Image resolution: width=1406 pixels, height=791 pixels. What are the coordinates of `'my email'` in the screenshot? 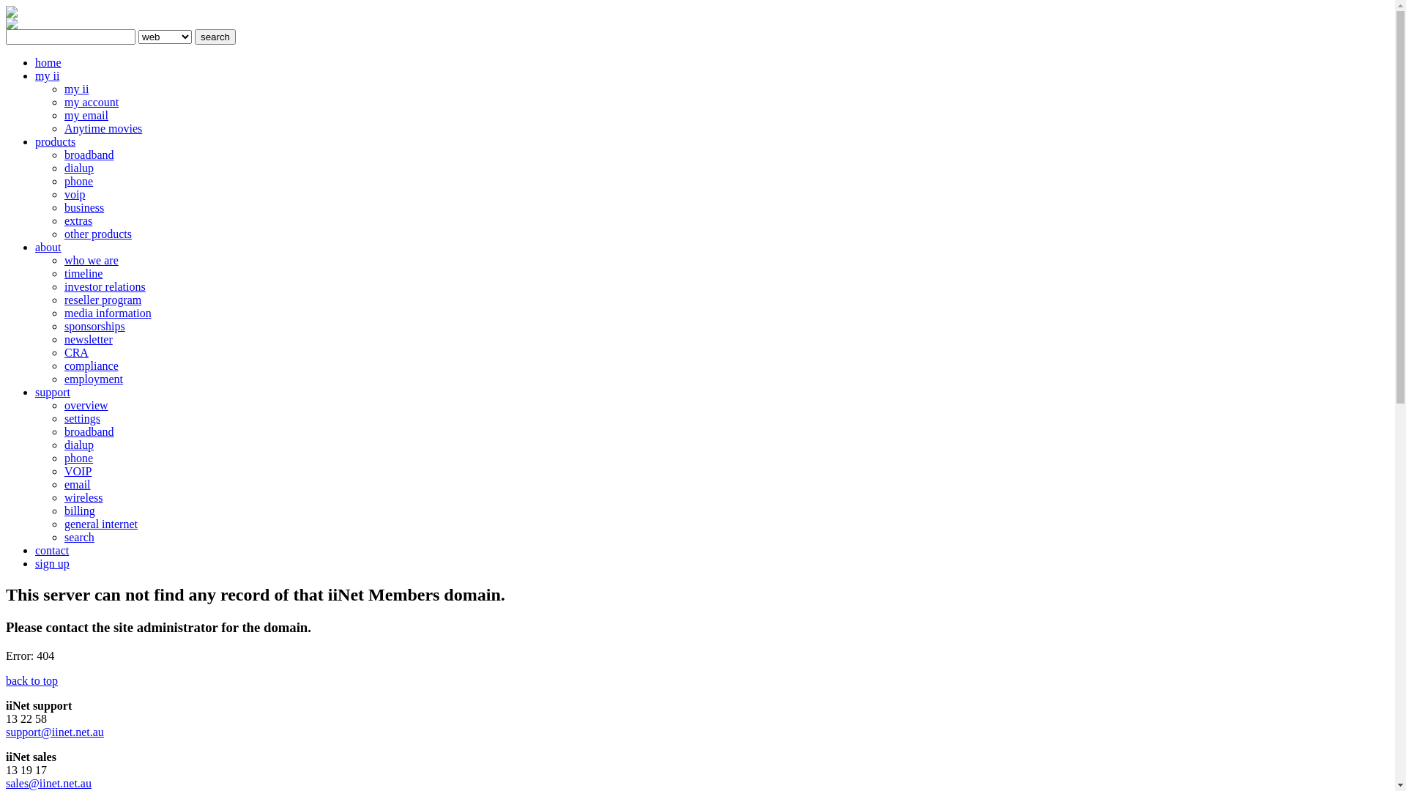 It's located at (86, 114).